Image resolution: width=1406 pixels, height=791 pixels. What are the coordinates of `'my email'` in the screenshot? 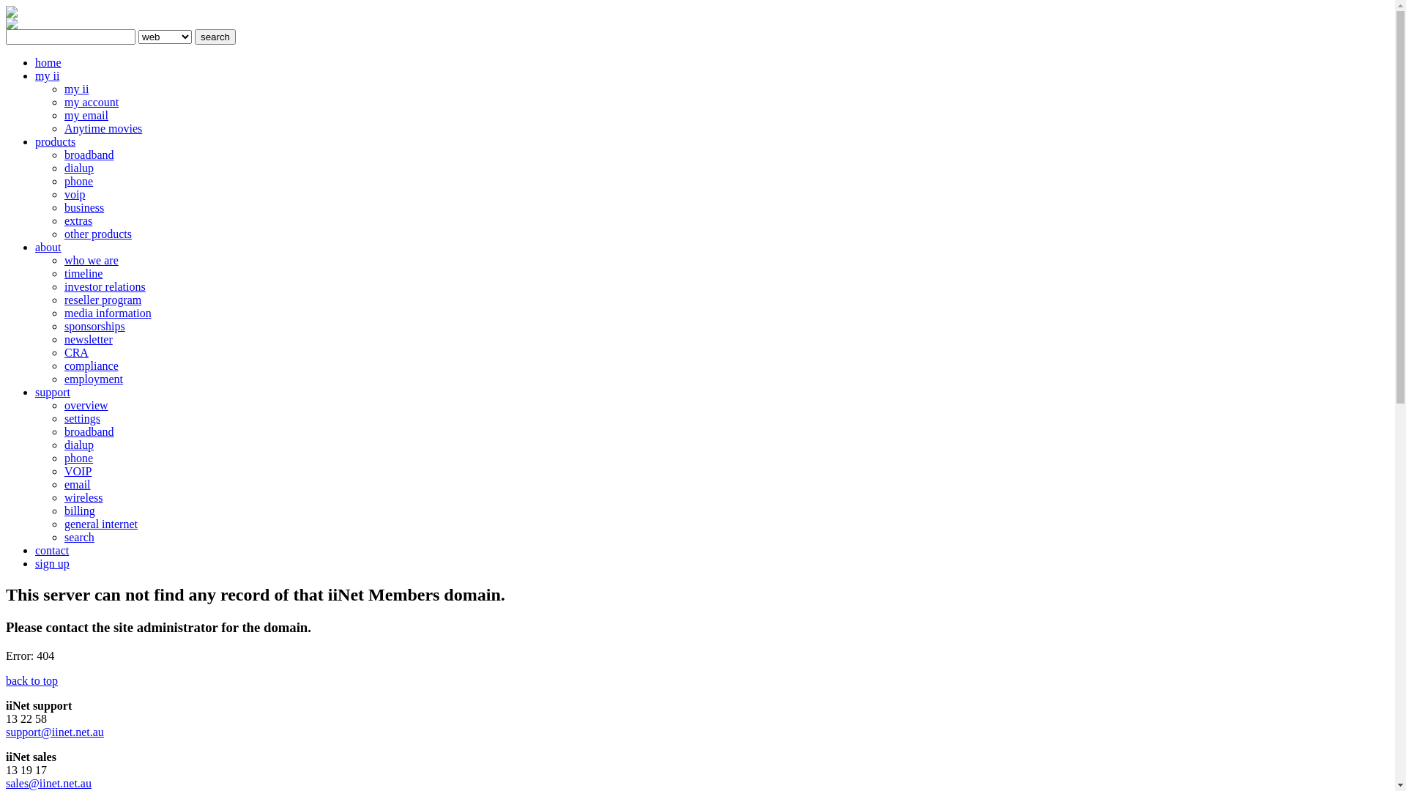 It's located at (86, 114).